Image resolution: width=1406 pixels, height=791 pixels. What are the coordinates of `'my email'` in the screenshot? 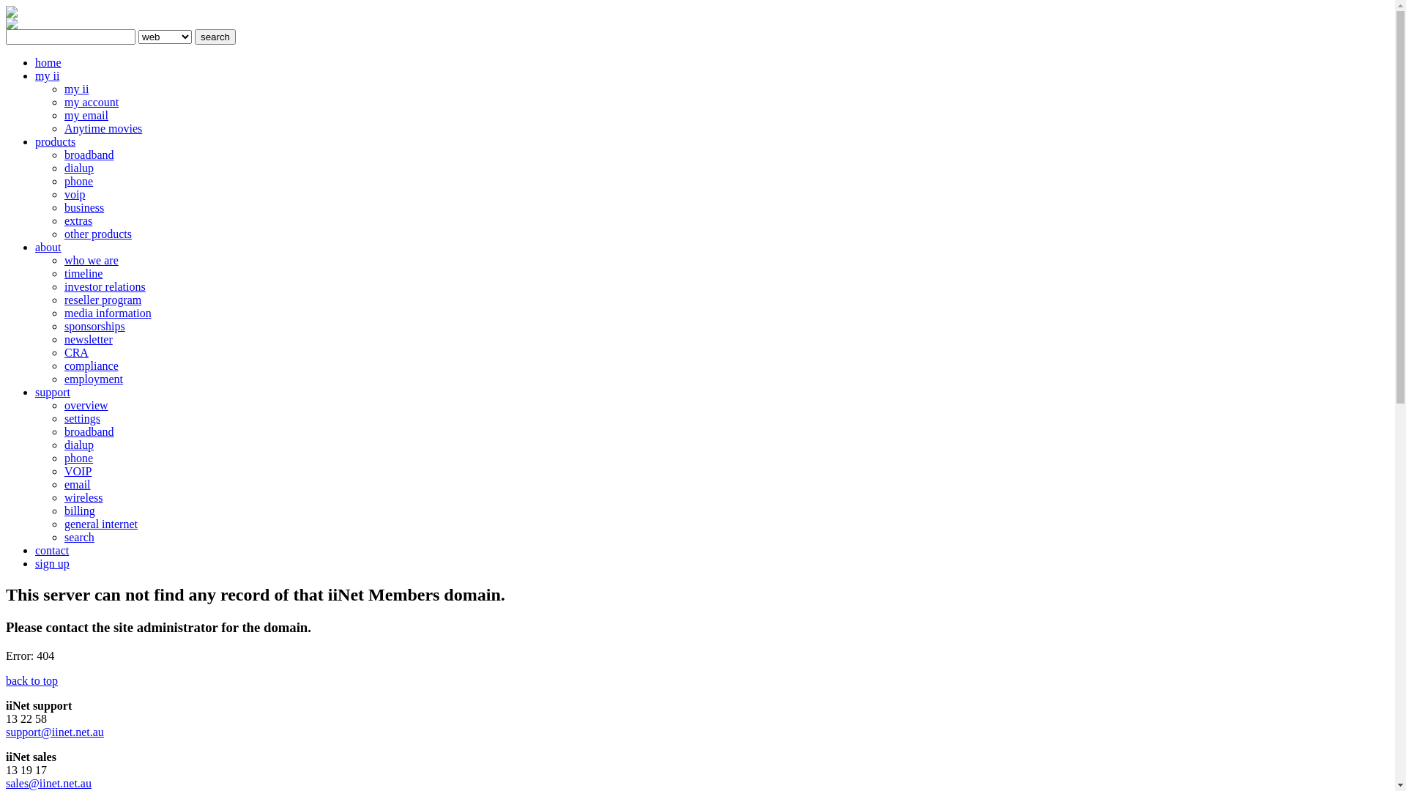 It's located at (86, 114).